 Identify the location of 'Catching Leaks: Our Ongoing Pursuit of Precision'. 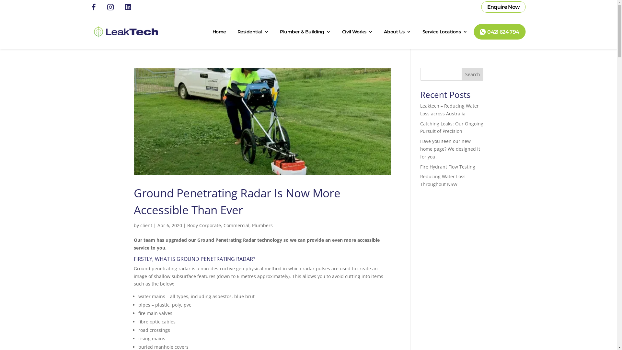
(451, 127).